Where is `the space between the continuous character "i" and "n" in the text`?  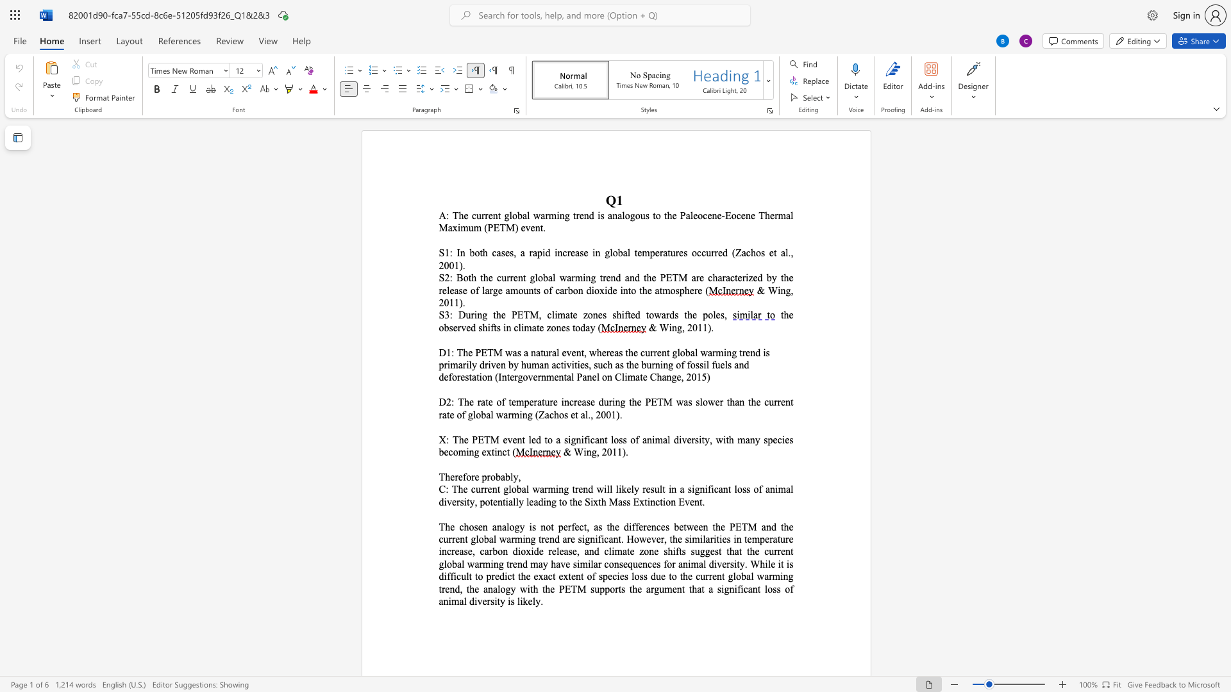
the space between the continuous character "i" and "n" in the text is located at coordinates (586, 451).